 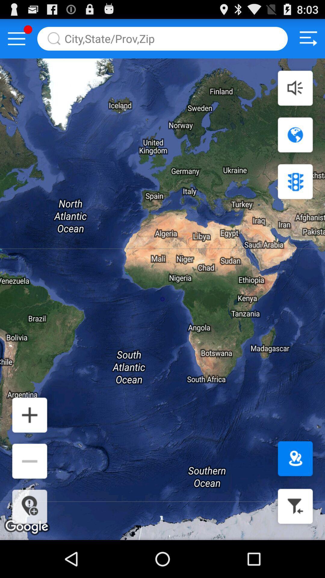 I want to click on the location icon, so click(x=295, y=491).